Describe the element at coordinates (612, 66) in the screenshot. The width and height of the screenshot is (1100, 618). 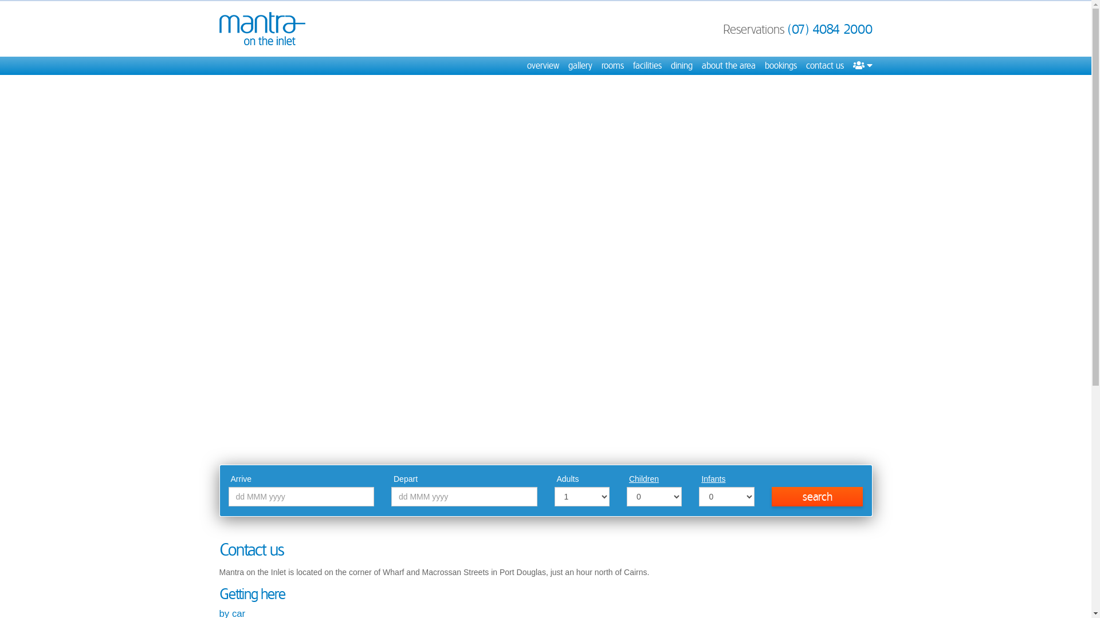
I see `'rooms'` at that location.